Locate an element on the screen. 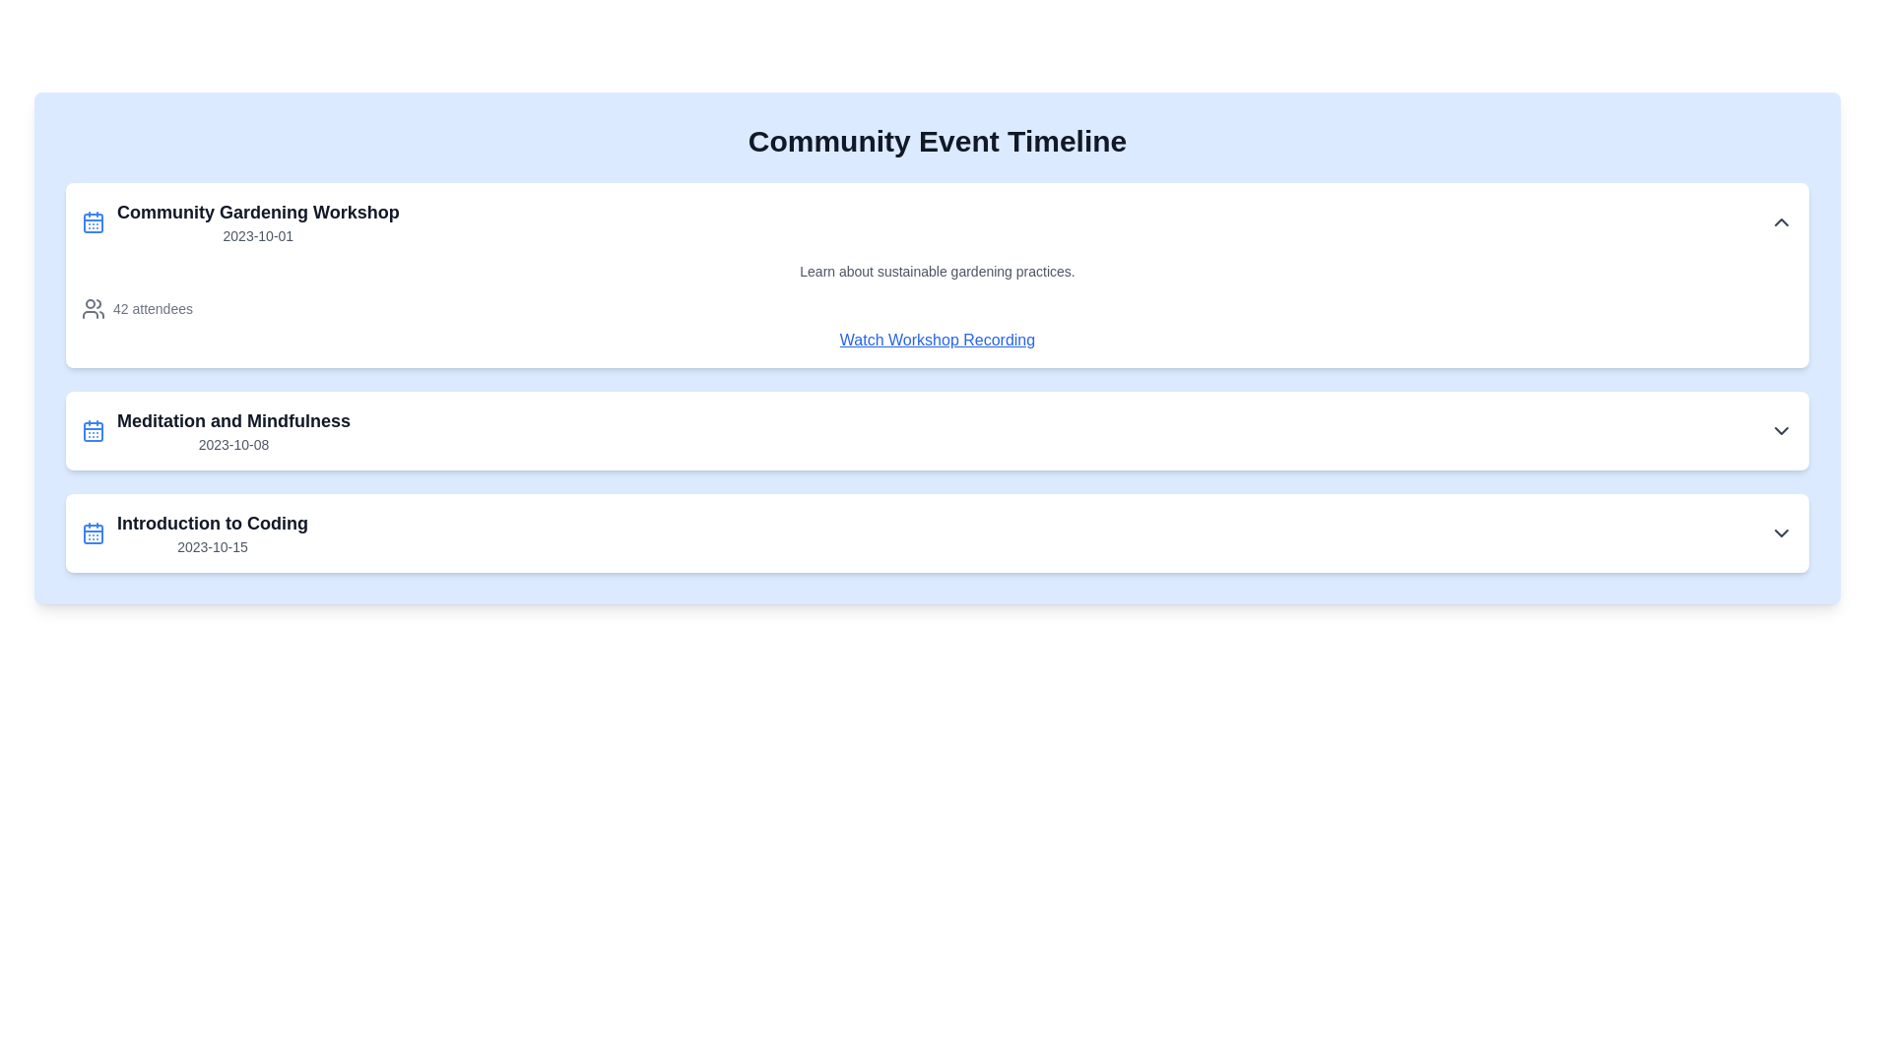 The height and width of the screenshot is (1063, 1891). the second event card titled 'Meditation and Mindfulness' in the 'Community Event Timeline' section is located at coordinates (216, 430).